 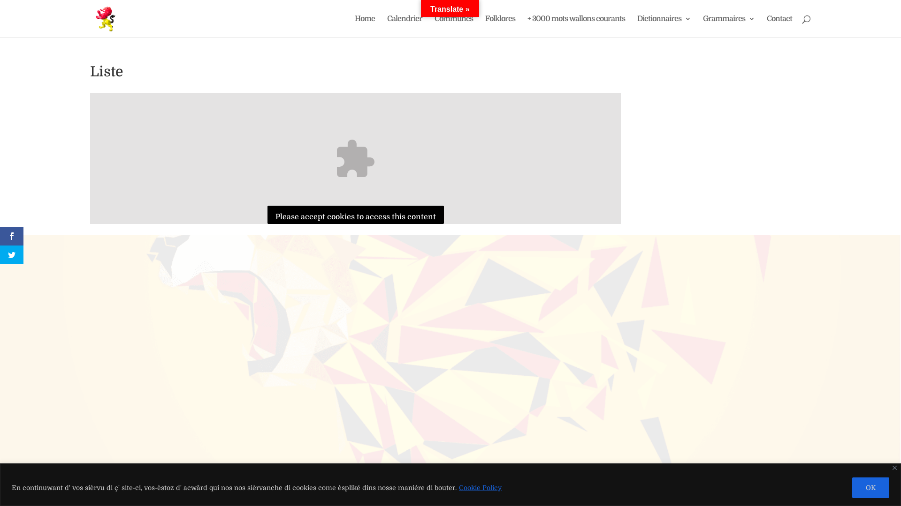 What do you see at coordinates (453, 26) in the screenshot?
I see `'Communes'` at bounding box center [453, 26].